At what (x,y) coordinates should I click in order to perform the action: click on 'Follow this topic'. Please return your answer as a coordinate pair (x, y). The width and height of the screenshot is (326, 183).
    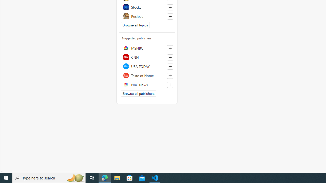
    Looking at the image, I should click on (170, 16).